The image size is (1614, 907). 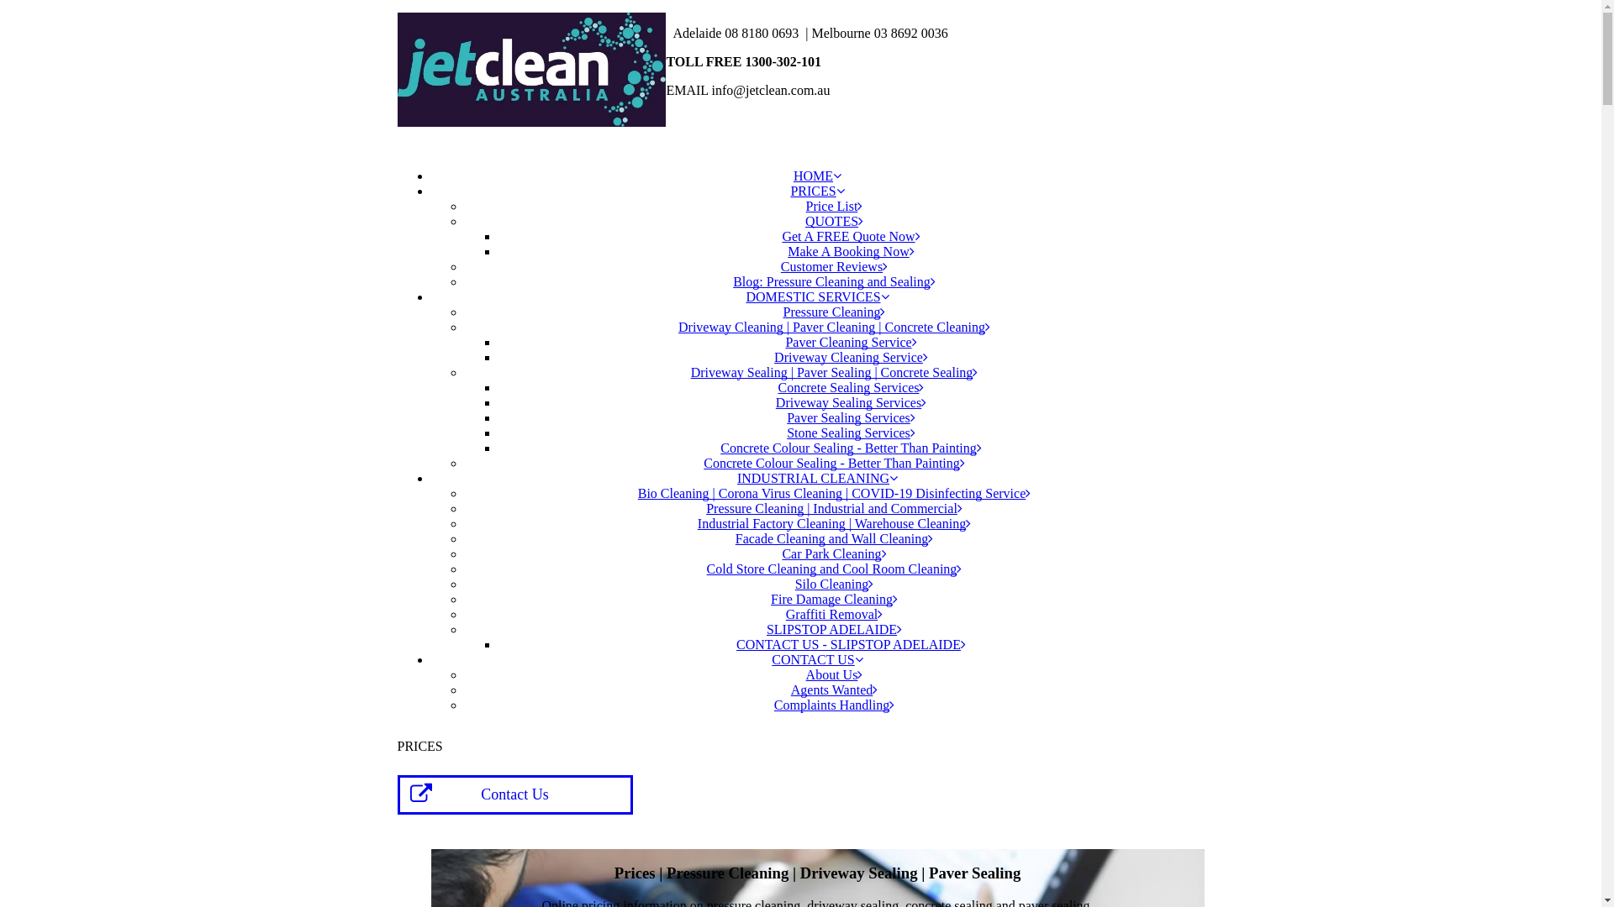 I want to click on 'Stone Sealing Services', so click(x=851, y=432).